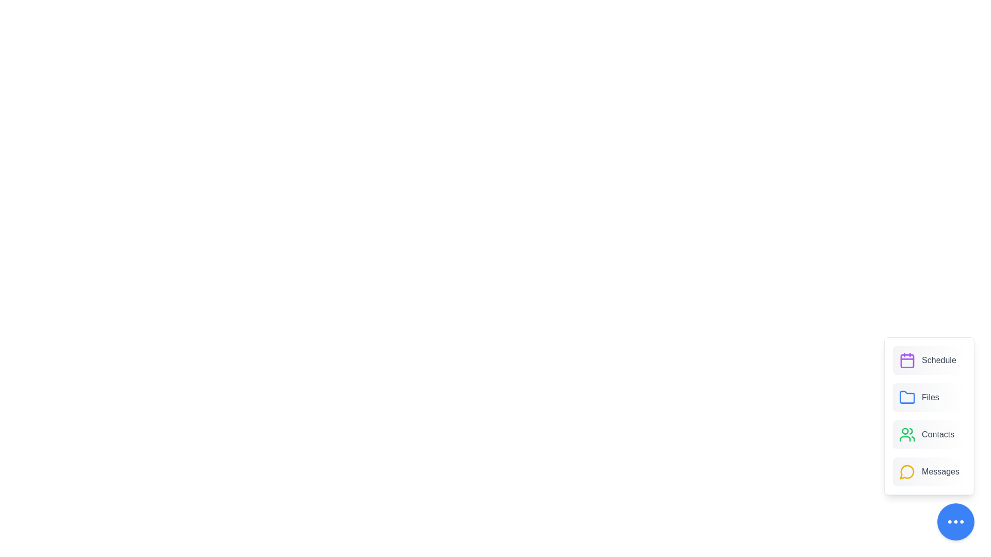  Describe the element at coordinates (929, 397) in the screenshot. I see `the 'Files' button in the MultiPurposeActionDial component` at that location.